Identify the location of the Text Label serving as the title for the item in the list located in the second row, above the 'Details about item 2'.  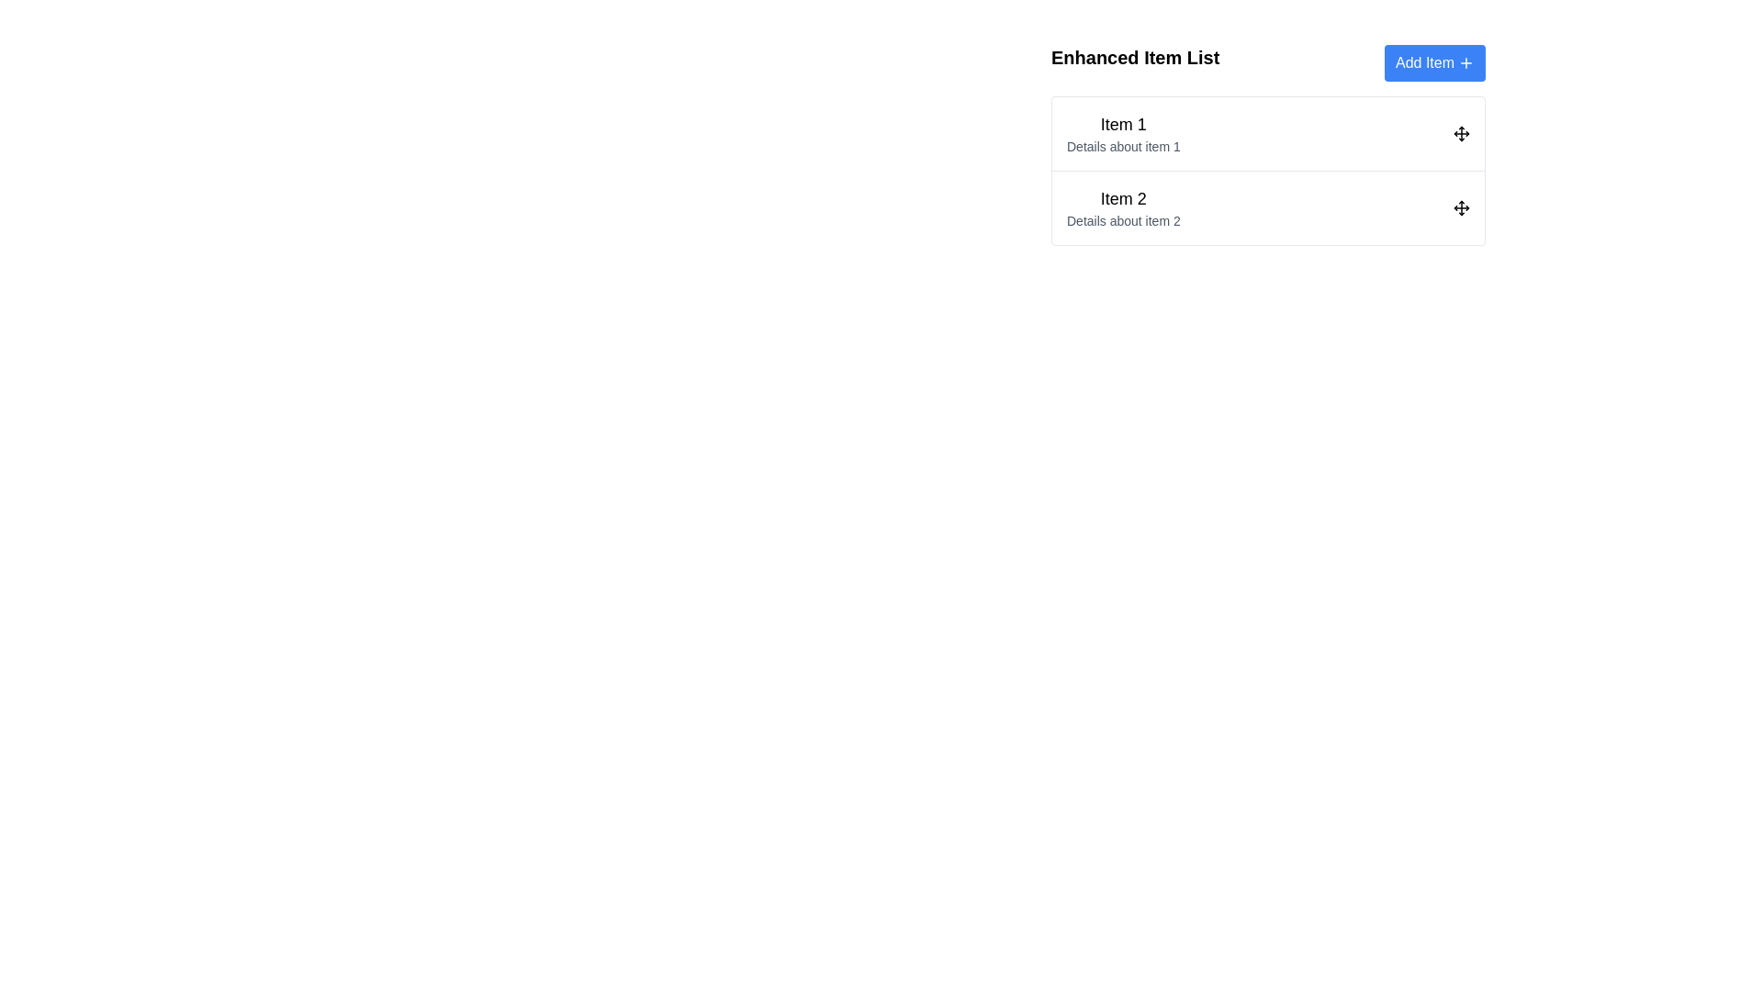
(1122, 198).